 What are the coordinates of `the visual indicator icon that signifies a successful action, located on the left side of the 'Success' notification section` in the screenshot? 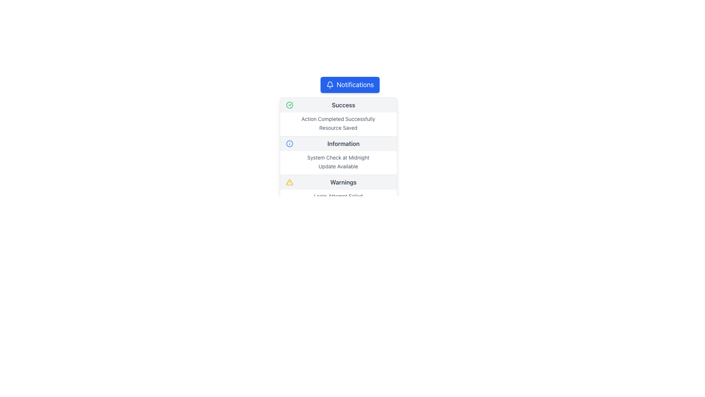 It's located at (289, 105).